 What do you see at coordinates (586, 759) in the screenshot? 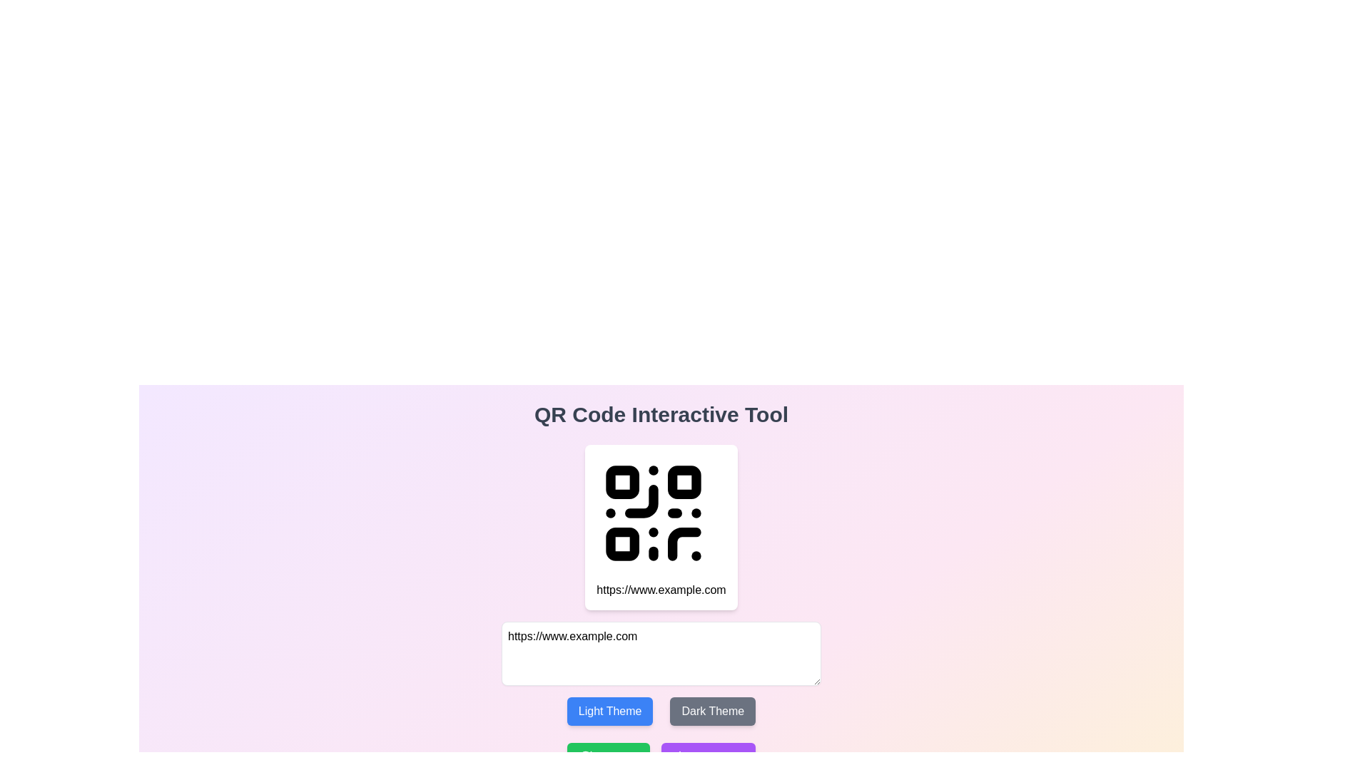
I see `the curved arrow-like shape that is part of the refresh SVG icon located at the bottom right corner of the interface` at bounding box center [586, 759].